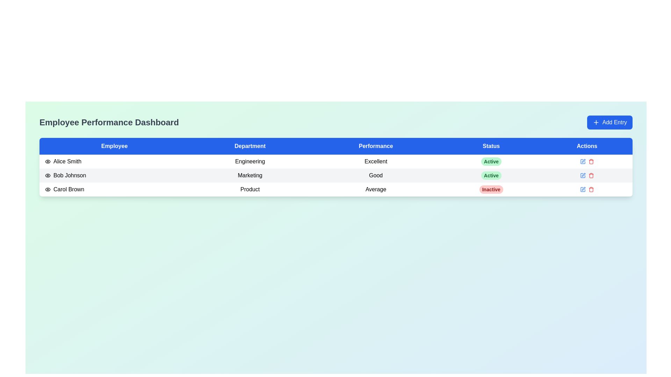  I want to click on text block displaying the word 'Marketing' which is located in the second row of the table under the column titled 'Department' for 'Bob Johnson', so click(250, 175).